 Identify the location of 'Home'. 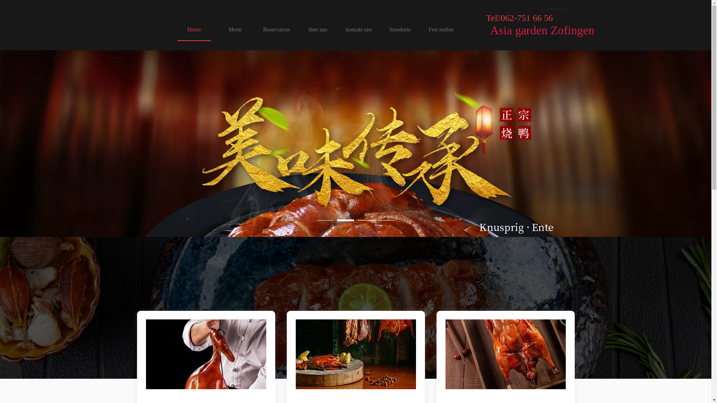
(193, 29).